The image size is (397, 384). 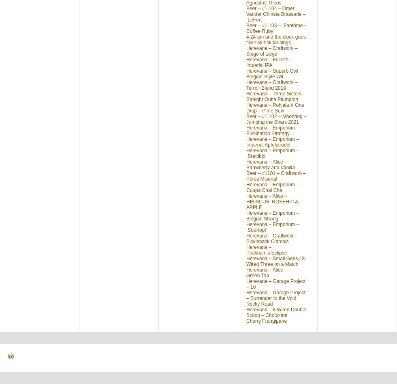 I want to click on 'Beer – #1,102 – Moondog – Jumping the Shark 2021', so click(x=276, y=119).